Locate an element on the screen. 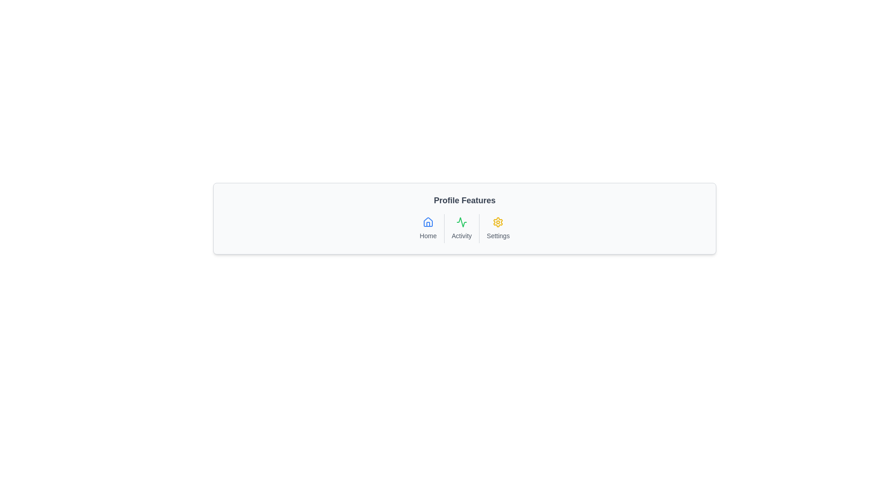 This screenshot has height=490, width=871. the yellow gear-shaped icon labeled 'Settings' located in the bottom right corner of the row is located at coordinates (498, 222).